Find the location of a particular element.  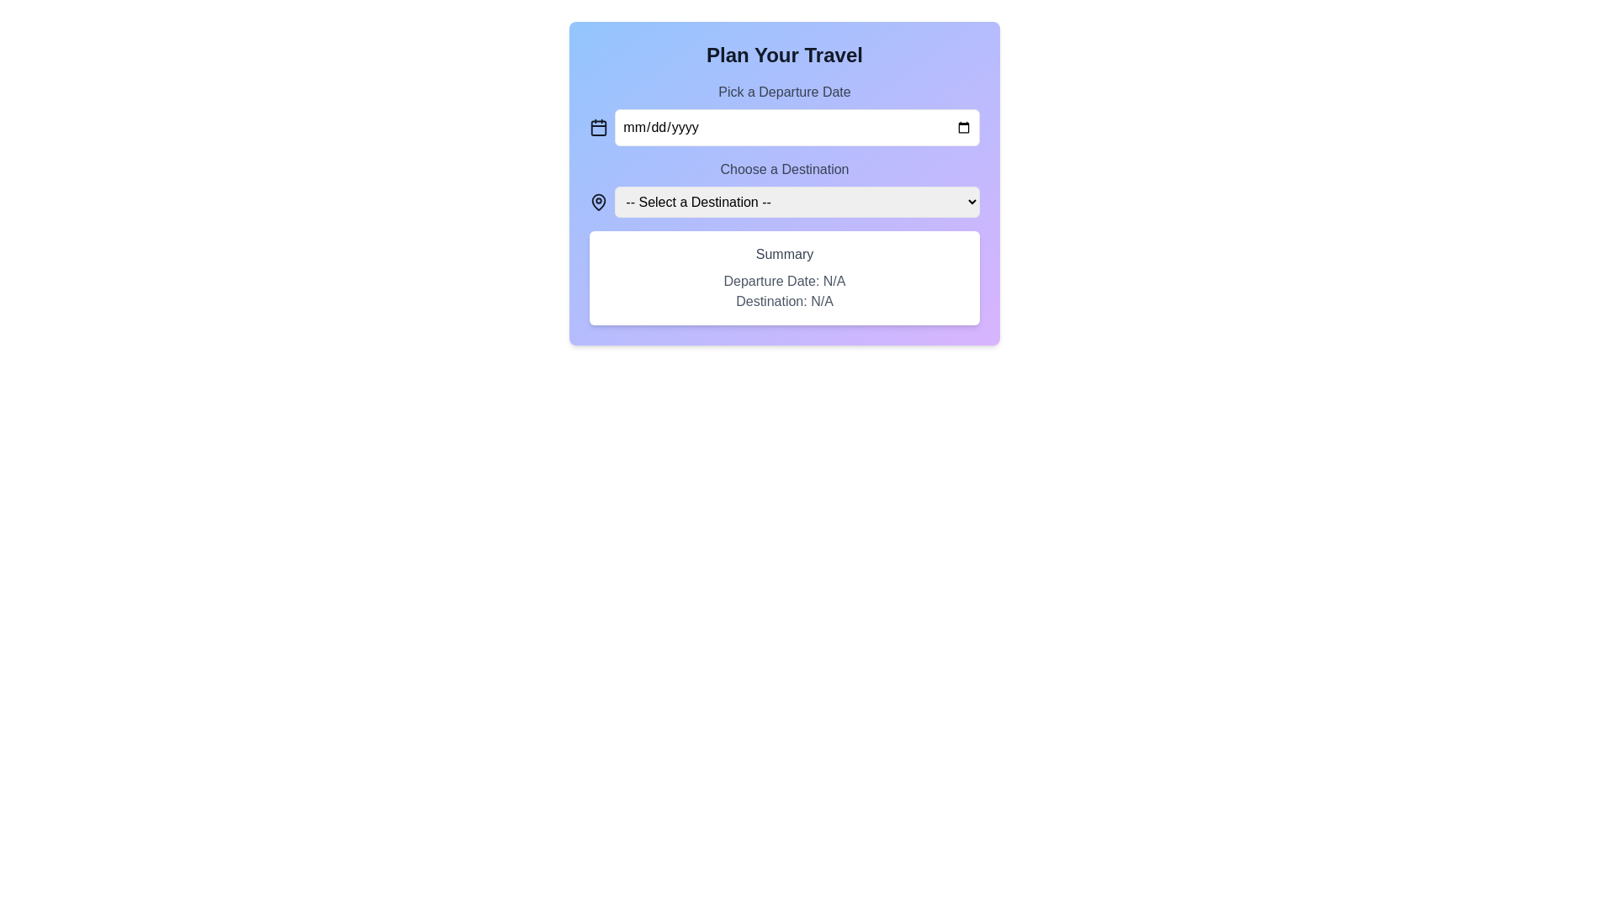

the dropdown menu located in the 'Choose a Destination' section is located at coordinates (783, 201).